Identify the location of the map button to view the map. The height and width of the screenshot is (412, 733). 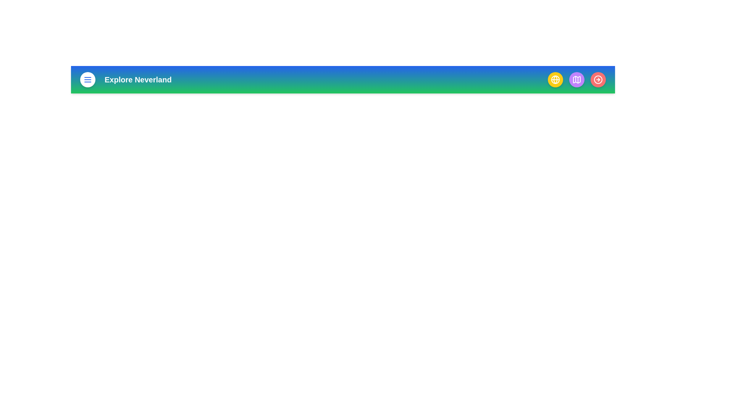
(577, 79).